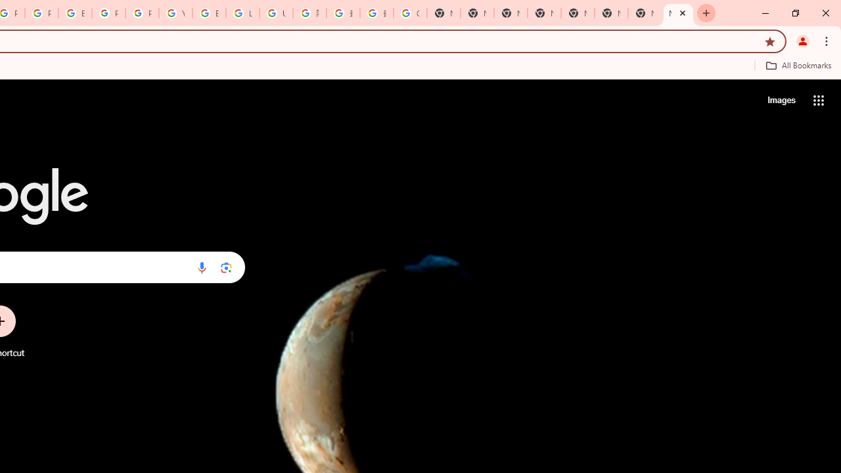 The width and height of the screenshot is (841, 473). What do you see at coordinates (42, 13) in the screenshot?
I see `'Privacy Help Center - Policies Help'` at bounding box center [42, 13].